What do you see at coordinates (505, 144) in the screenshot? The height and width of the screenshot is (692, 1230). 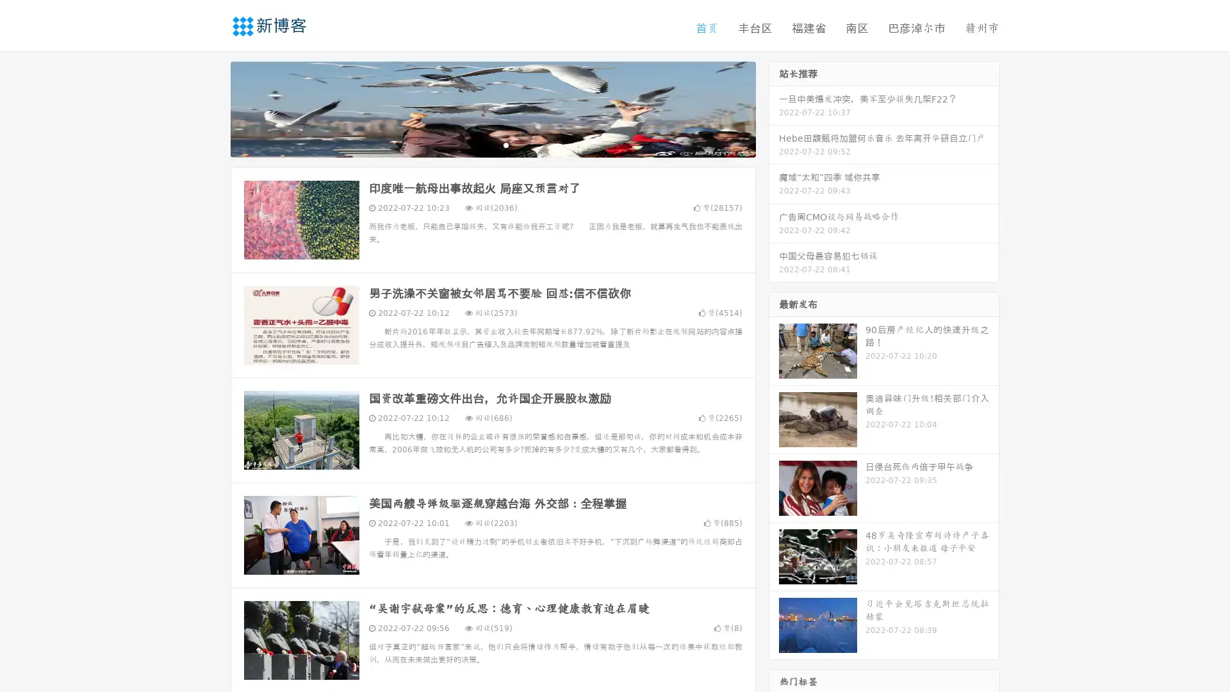 I see `Go to slide 3` at bounding box center [505, 144].